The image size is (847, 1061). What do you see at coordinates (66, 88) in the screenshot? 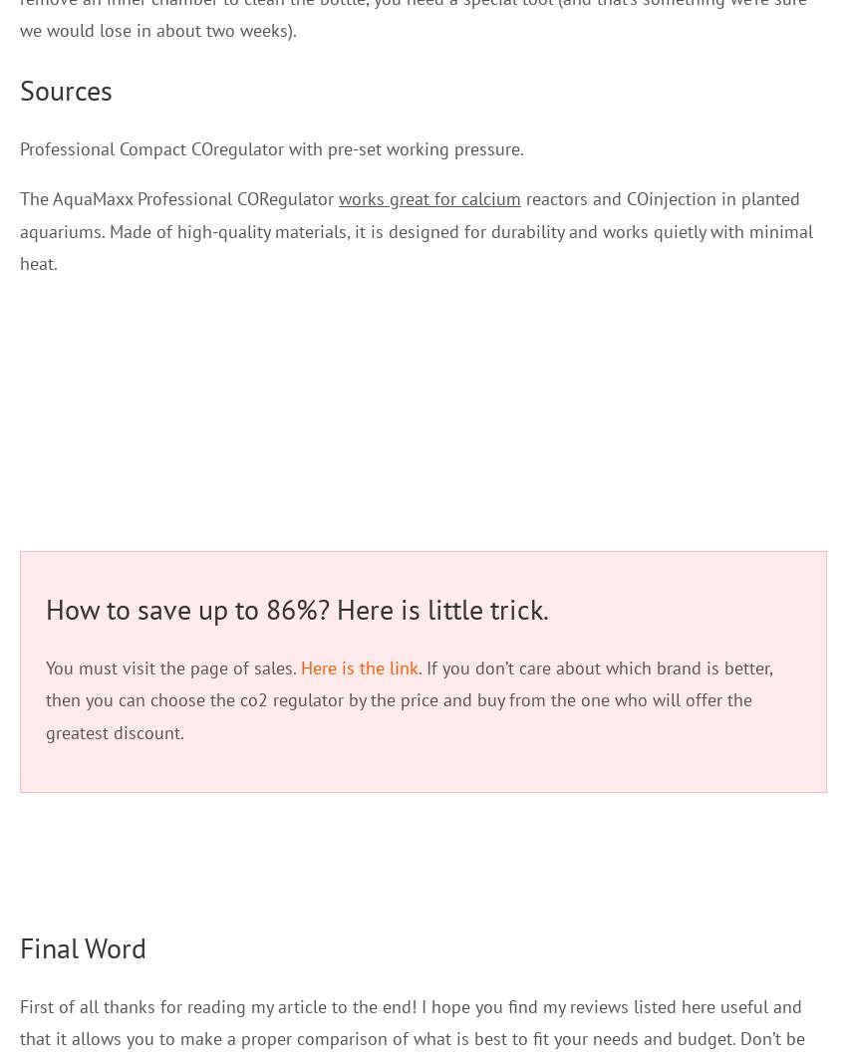
I see `'Sources'` at bounding box center [66, 88].